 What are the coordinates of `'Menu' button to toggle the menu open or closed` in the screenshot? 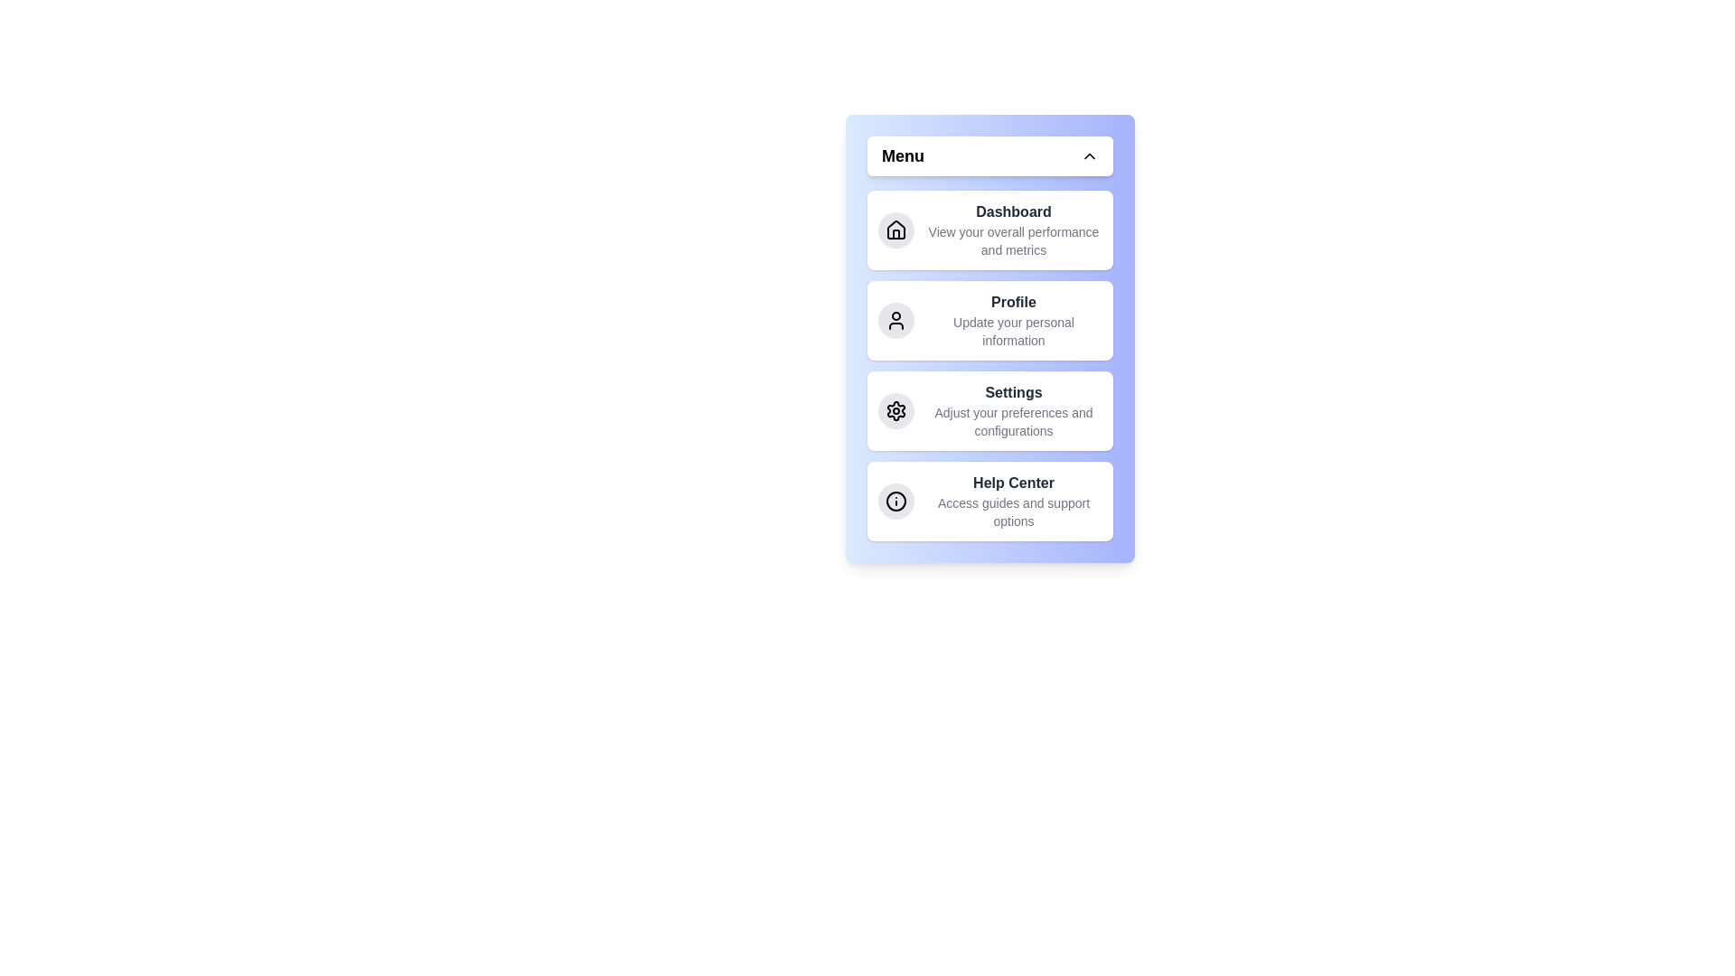 It's located at (989, 155).